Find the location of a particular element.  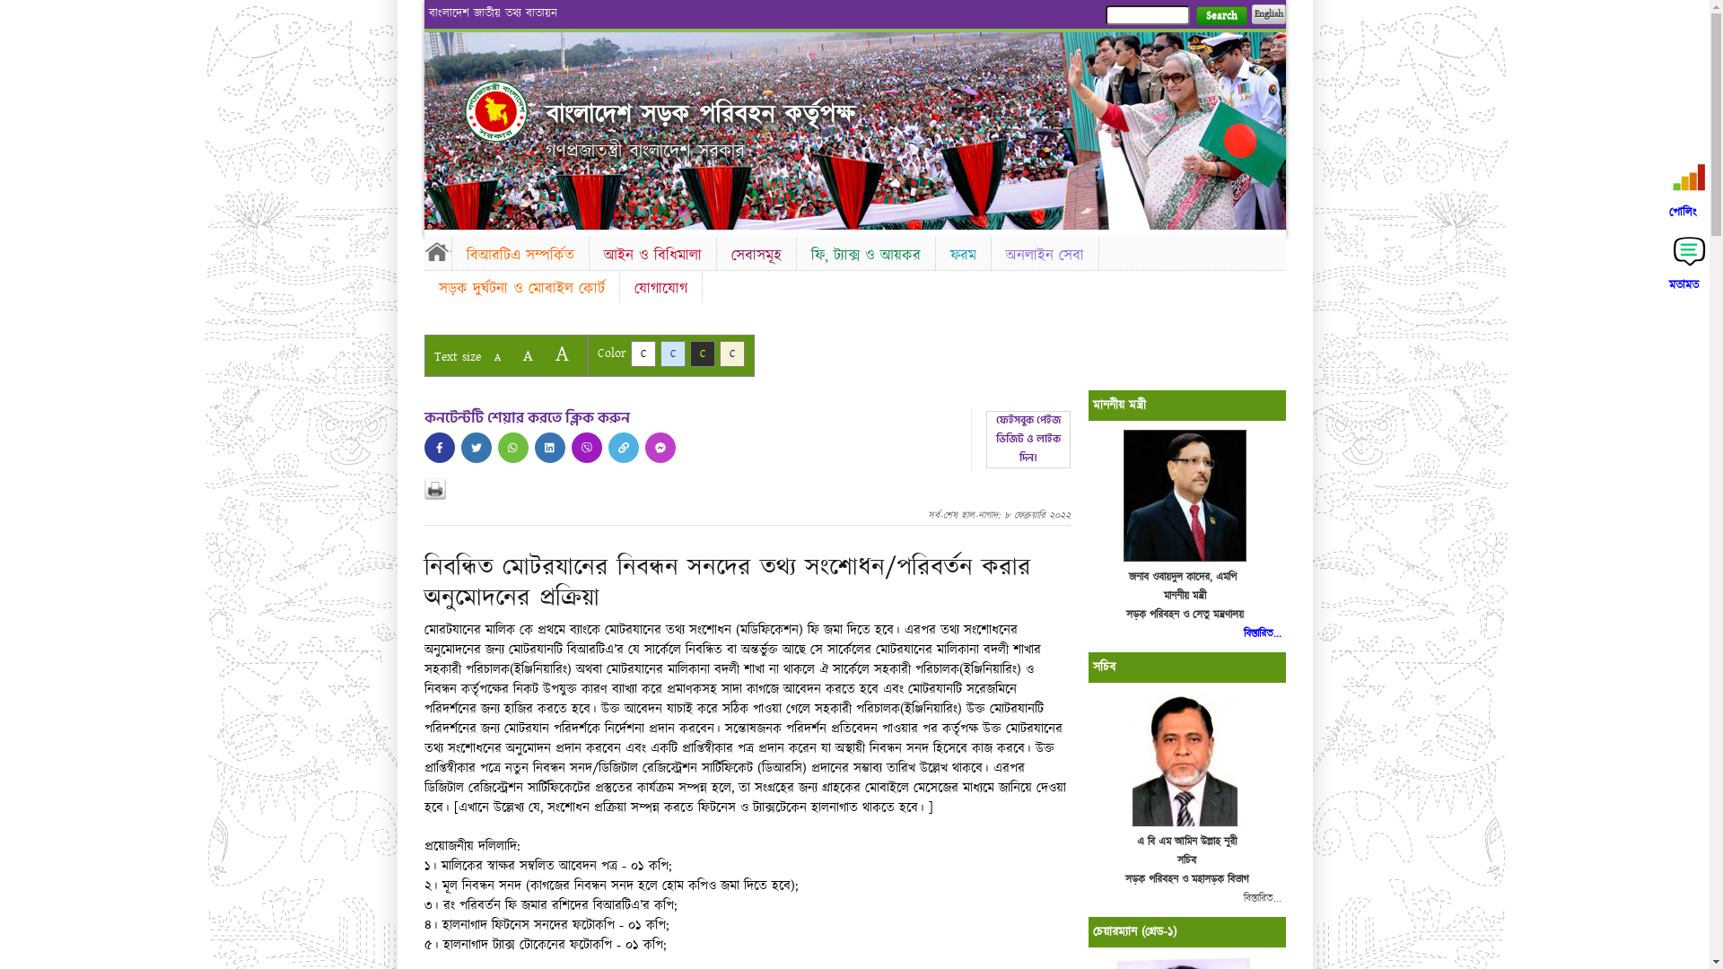

'C' is located at coordinates (732, 354).